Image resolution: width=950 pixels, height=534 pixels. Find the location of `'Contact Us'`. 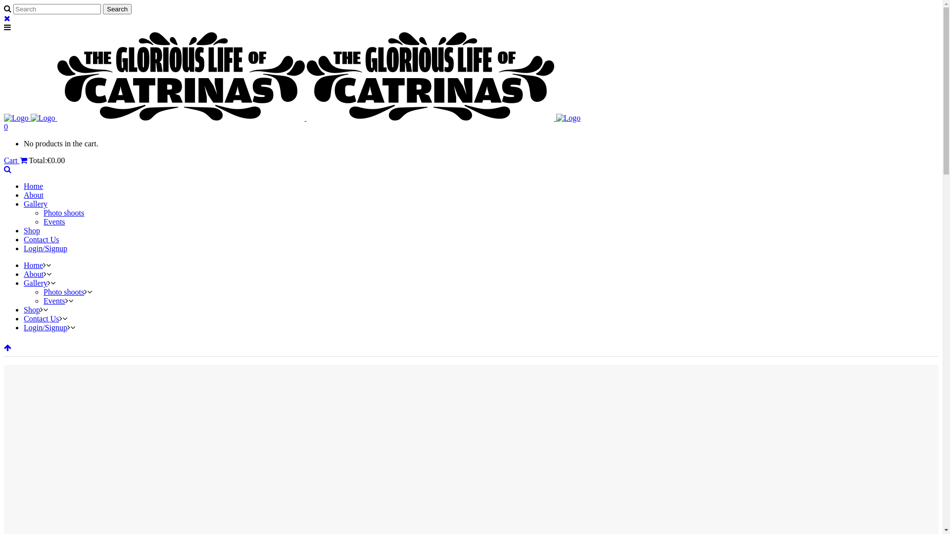

'Contact Us' is located at coordinates (41, 318).